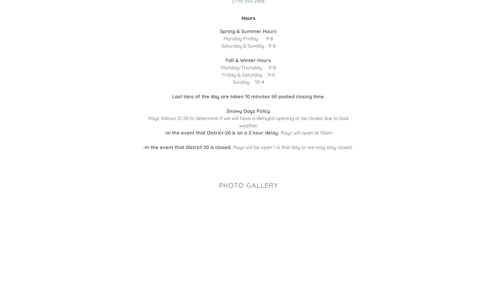  Describe the element at coordinates (187, 147) in the screenshot. I see `'-In the event that District 20 is closed:'` at that location.